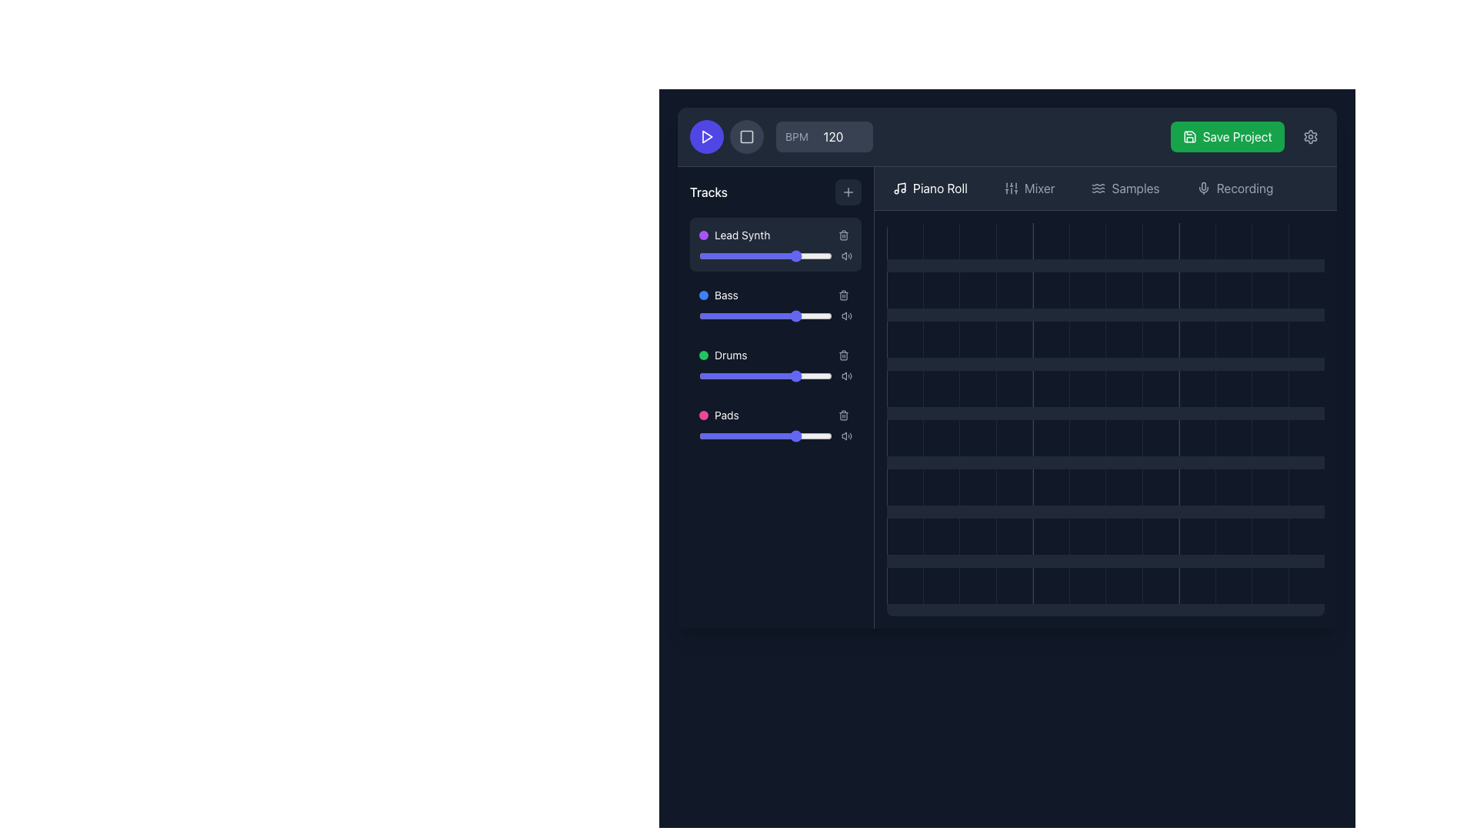  What do you see at coordinates (793, 255) in the screenshot?
I see `the slider value` at bounding box center [793, 255].